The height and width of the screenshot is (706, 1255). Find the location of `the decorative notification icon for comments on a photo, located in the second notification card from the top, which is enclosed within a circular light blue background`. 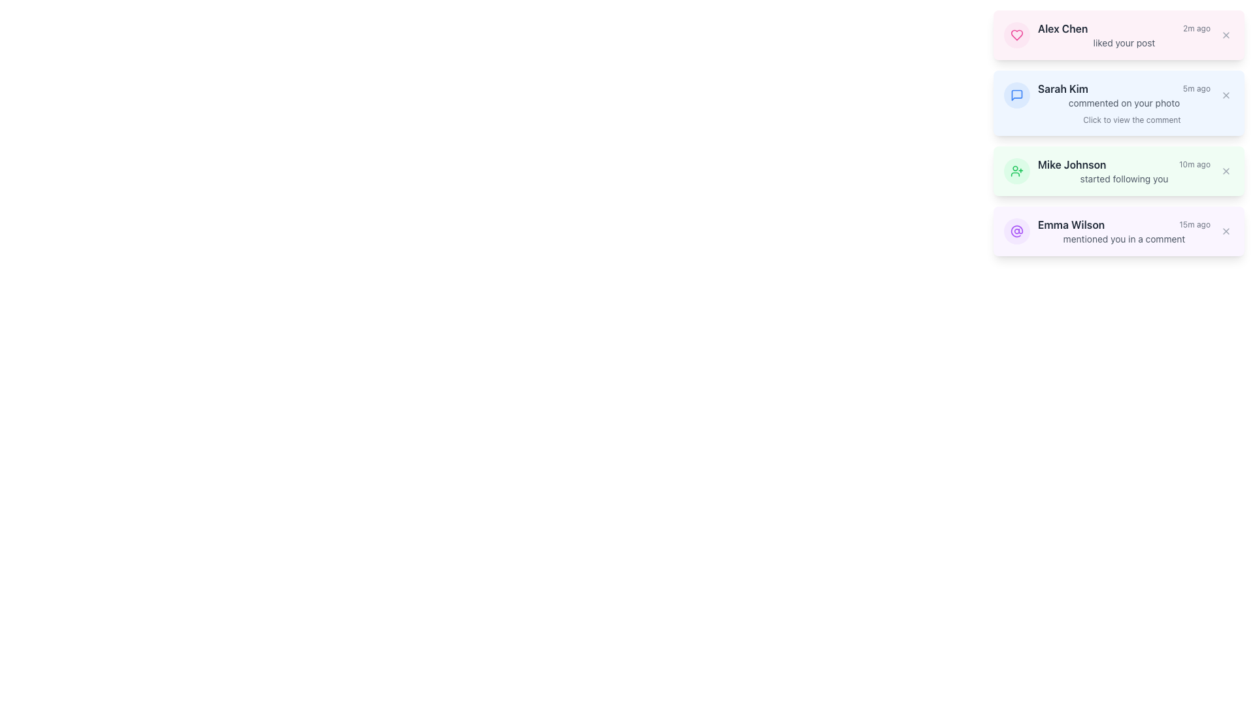

the decorative notification icon for comments on a photo, located in the second notification card from the top, which is enclosed within a circular light blue background is located at coordinates (1016, 95).